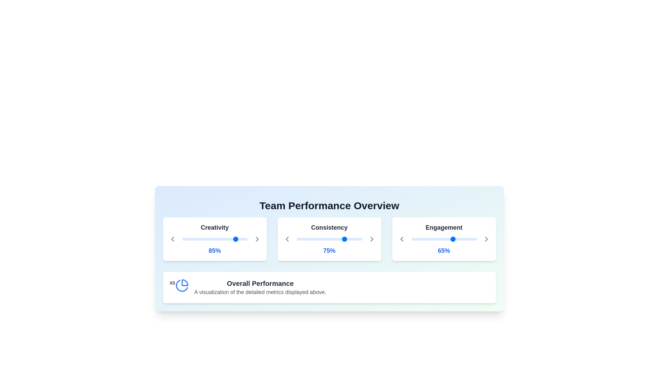  What do you see at coordinates (214, 229) in the screenshot?
I see `the static text label displaying the title 'Creativity', which is a bold black font and serves as the header for the first column in a card-like component` at bounding box center [214, 229].